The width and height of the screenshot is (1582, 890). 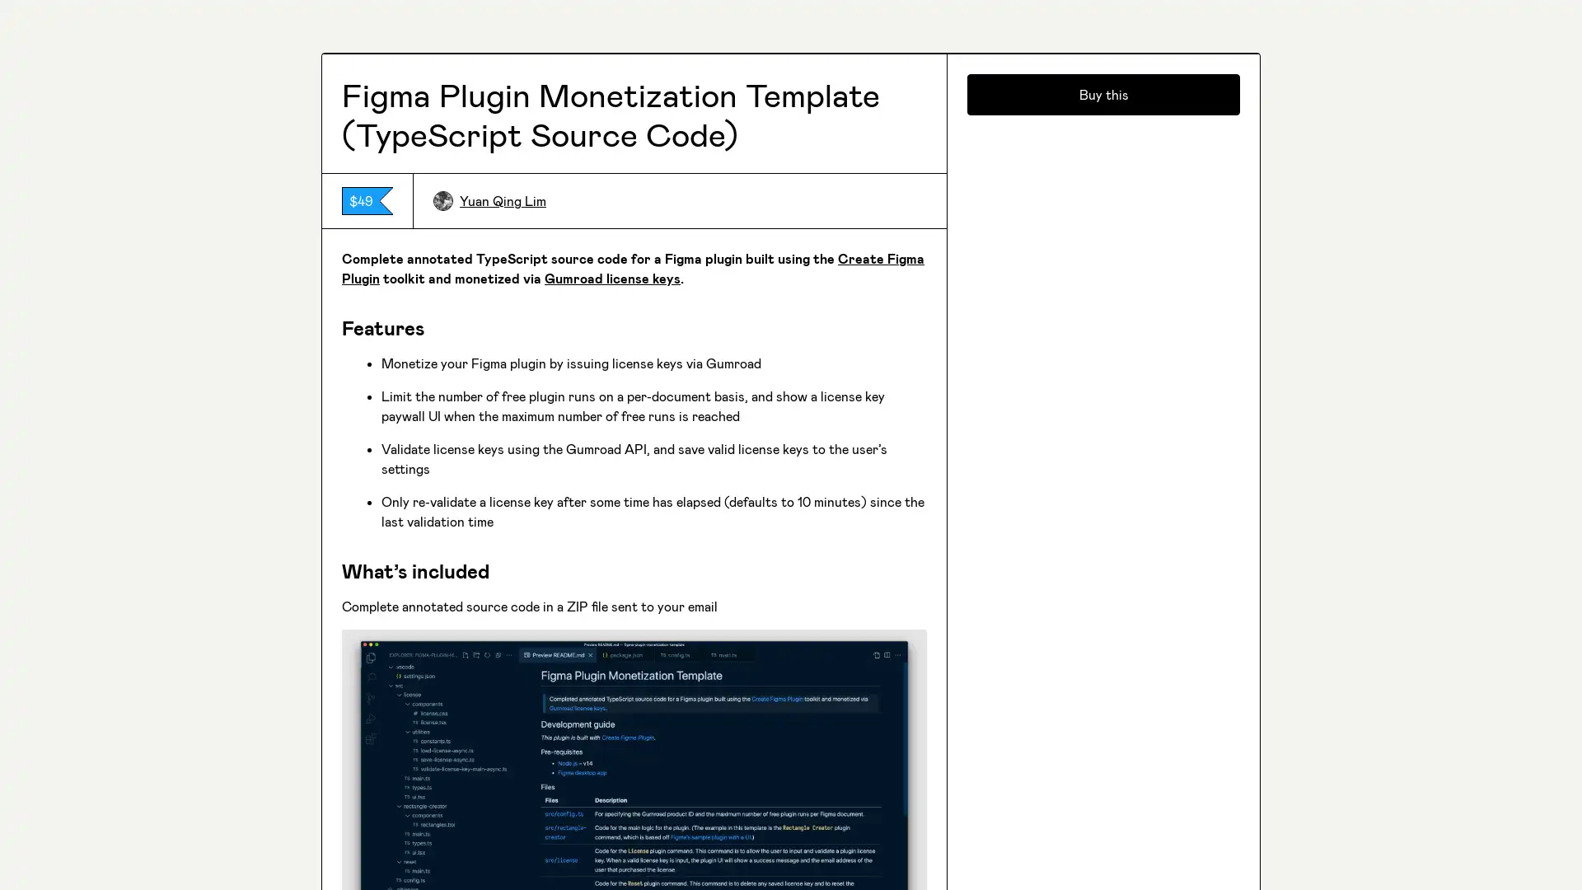 I want to click on Buy this, so click(x=1103, y=680).